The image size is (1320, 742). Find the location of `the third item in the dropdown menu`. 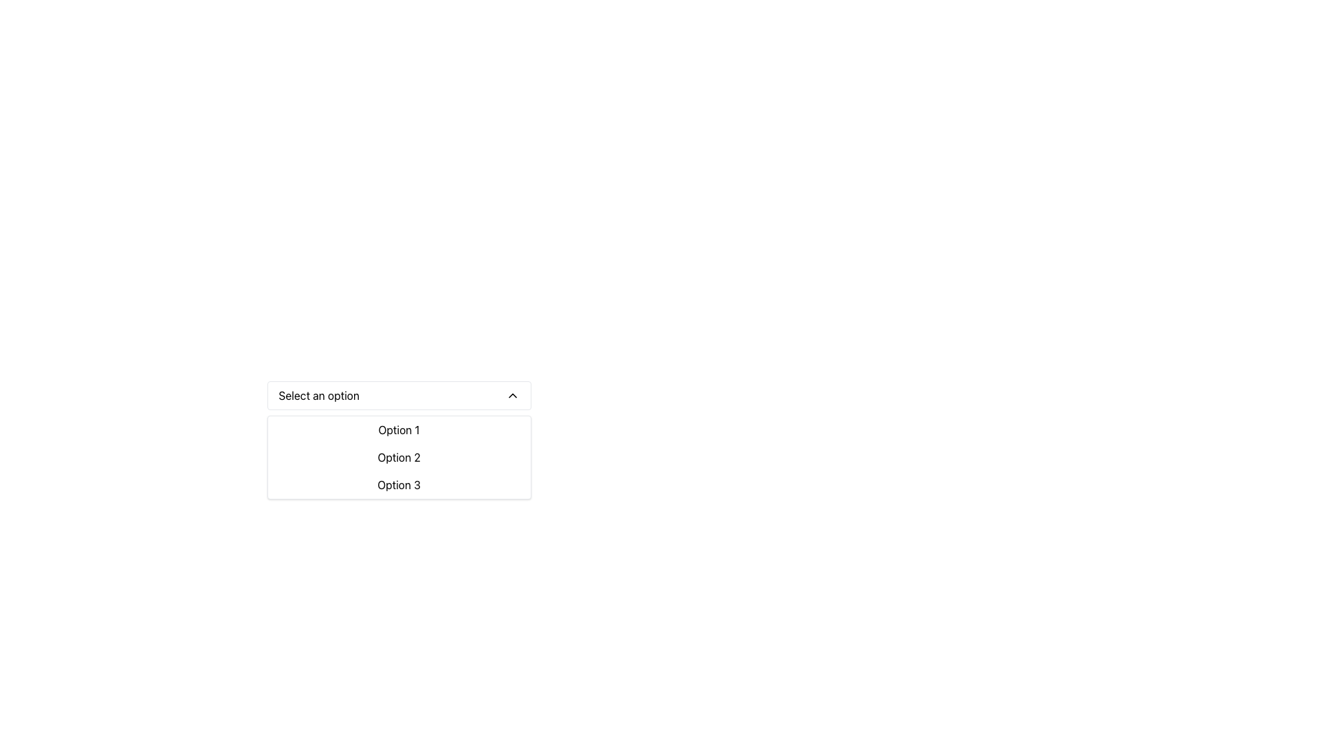

the third item in the dropdown menu is located at coordinates (398, 484).